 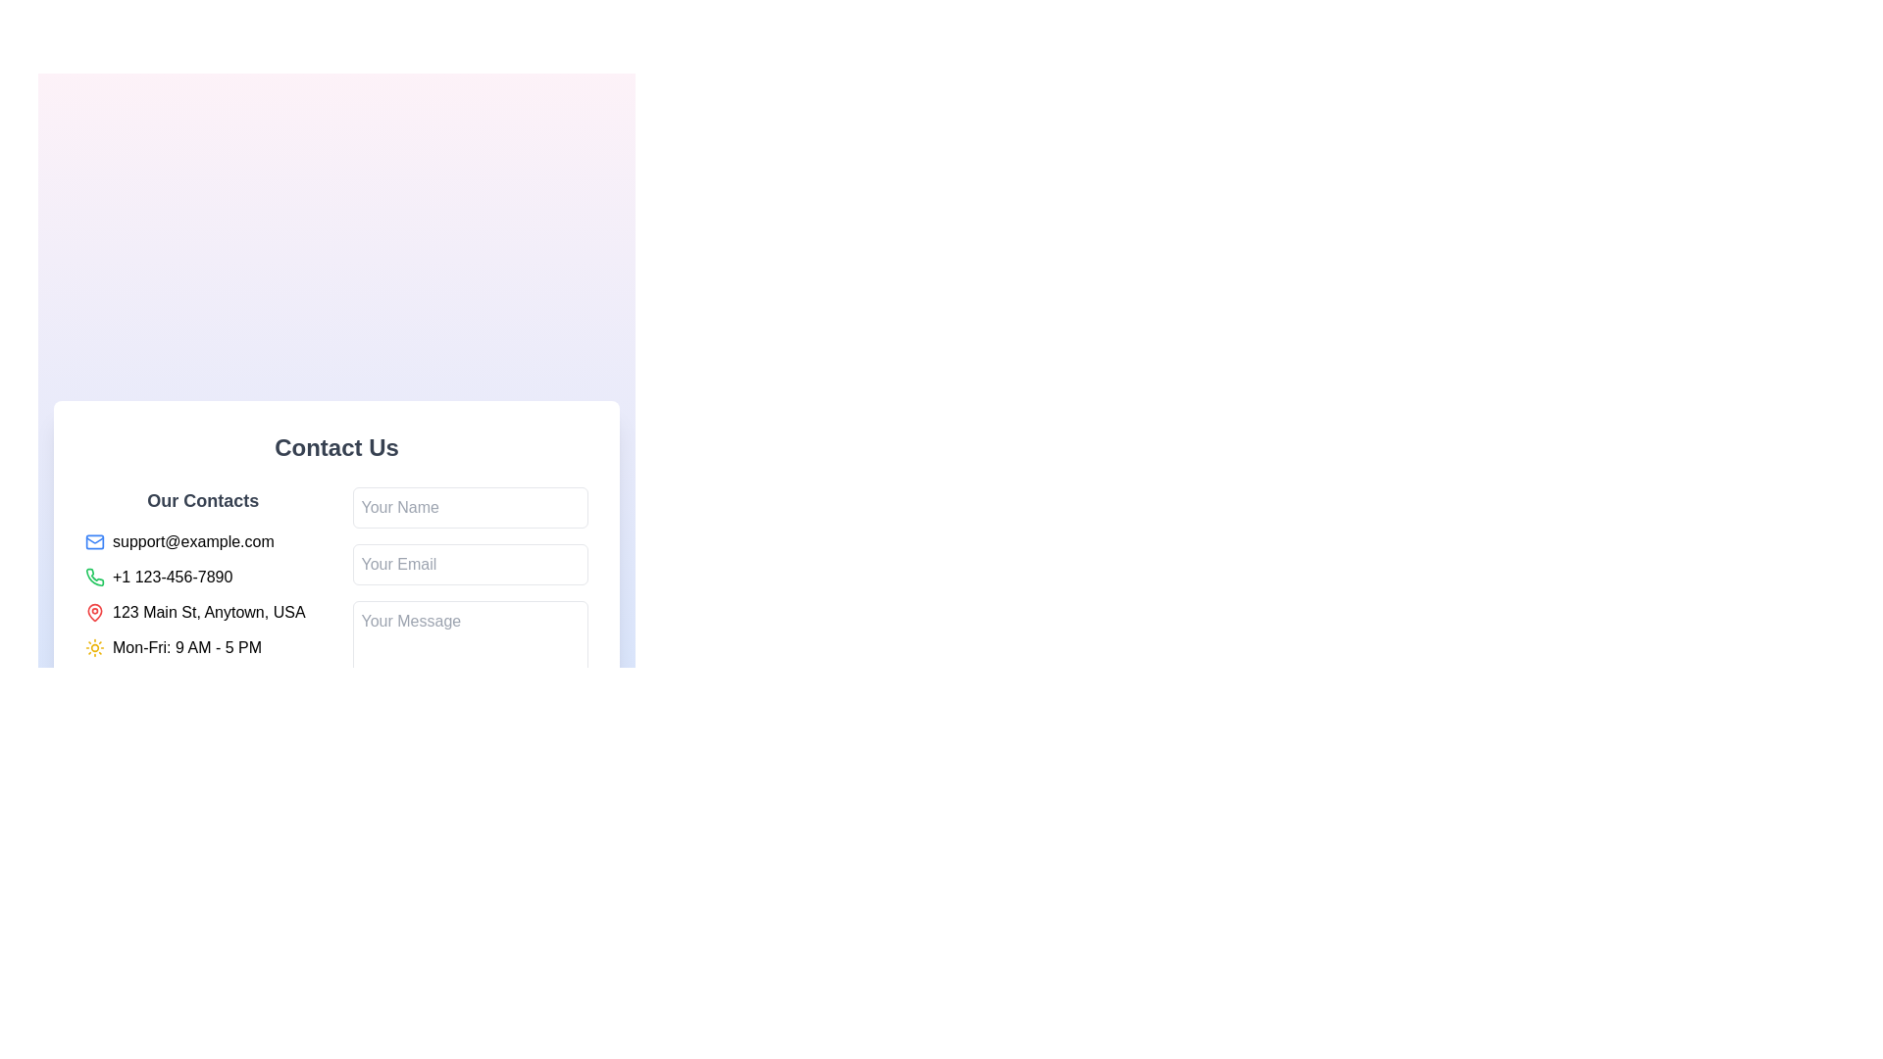 What do you see at coordinates (203, 576) in the screenshot?
I see `the static text element that represents contact information, which includes a phone icon and is the second item in a vertical list of contact details, located below the email address` at bounding box center [203, 576].